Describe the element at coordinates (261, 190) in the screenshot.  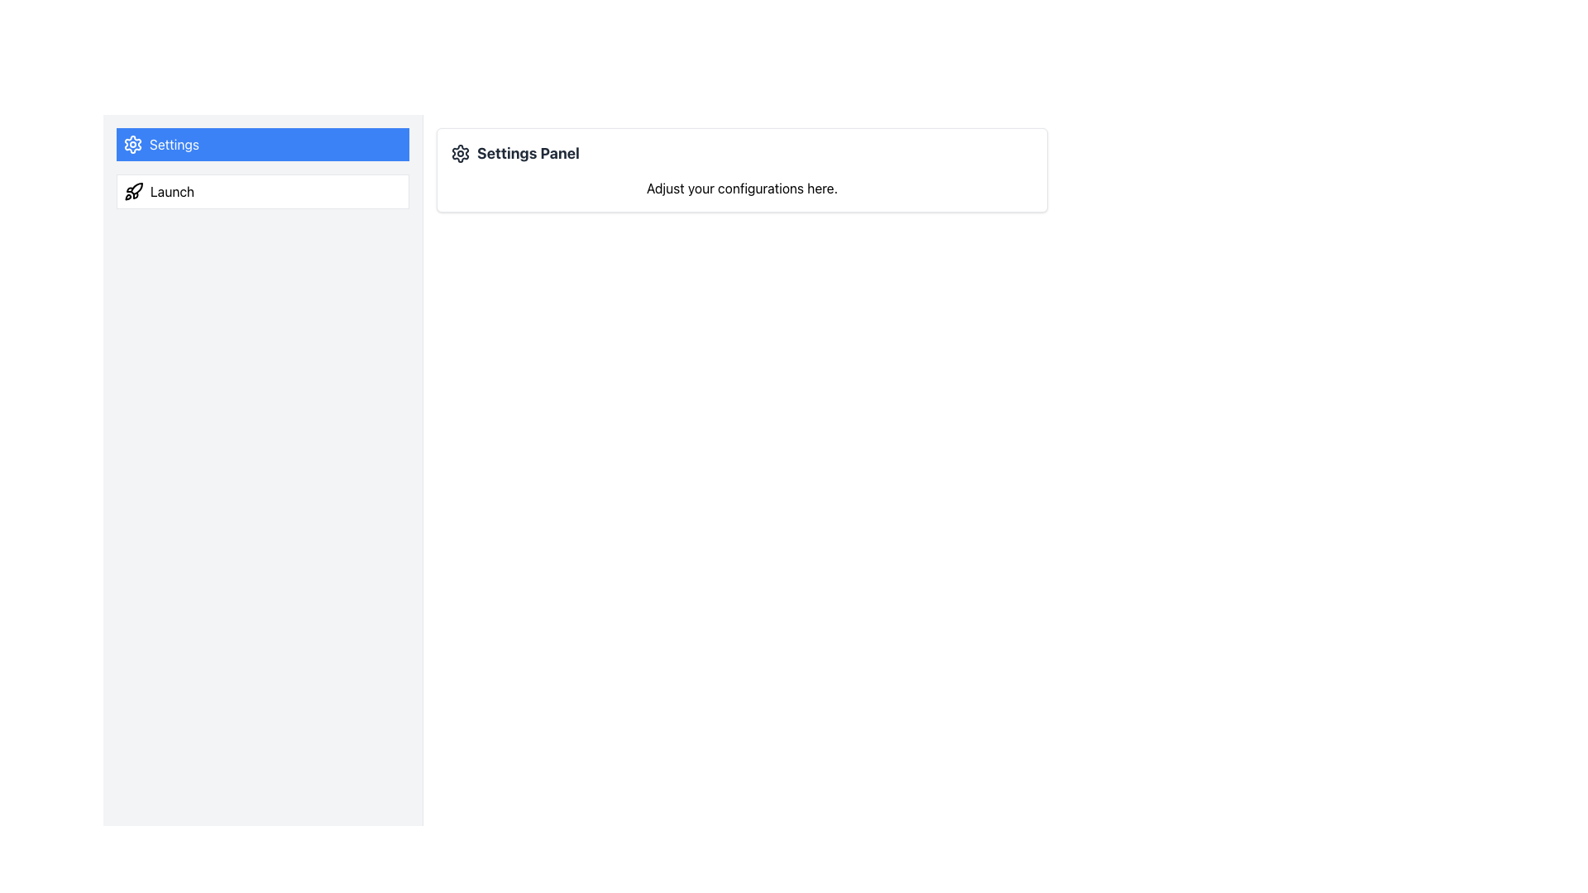
I see `the 'Launch' button located below the blue 'Settings' button in the left side panel` at that location.